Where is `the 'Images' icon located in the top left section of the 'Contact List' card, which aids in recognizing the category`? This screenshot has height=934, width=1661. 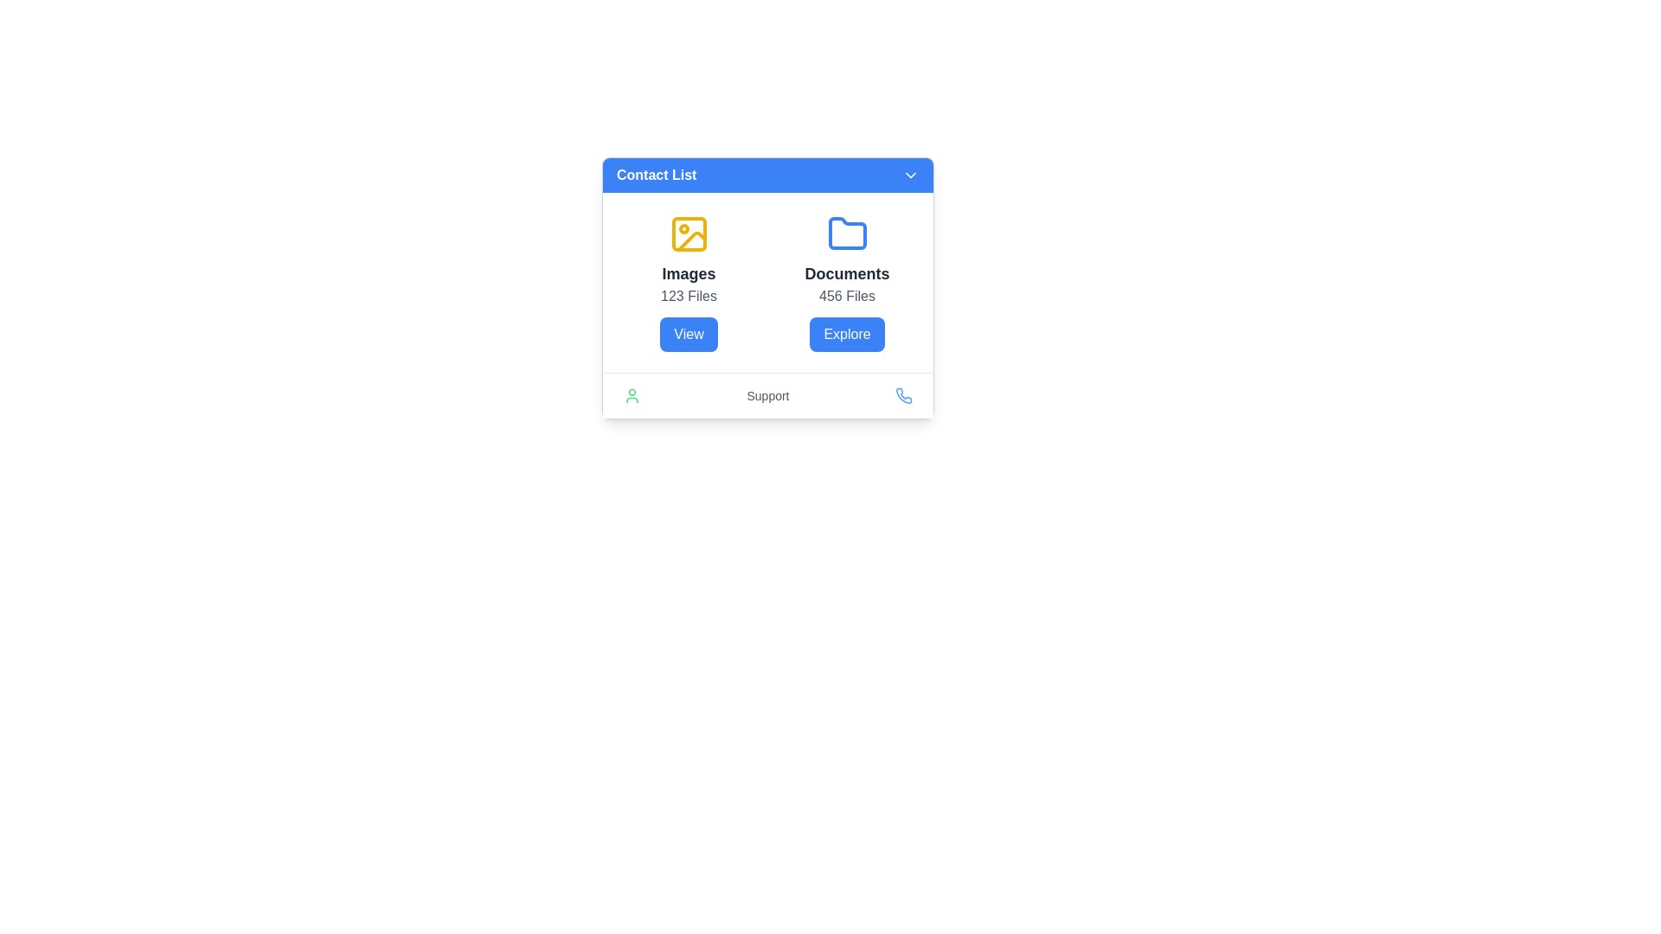 the 'Images' icon located in the top left section of the 'Contact List' card, which aids in recognizing the category is located at coordinates (688, 233).